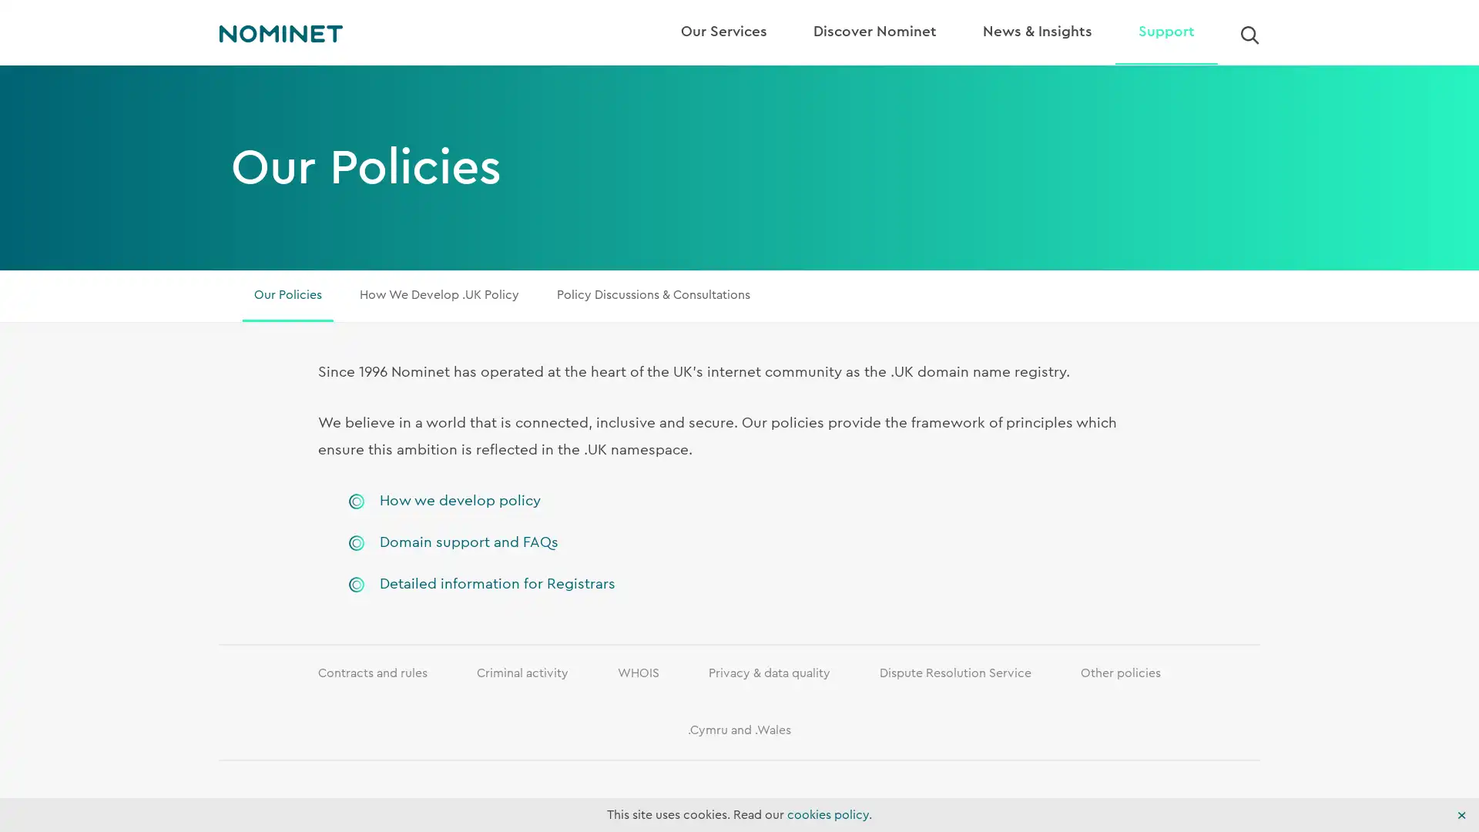 This screenshot has width=1479, height=832. What do you see at coordinates (1461, 815) in the screenshot?
I see `Close` at bounding box center [1461, 815].